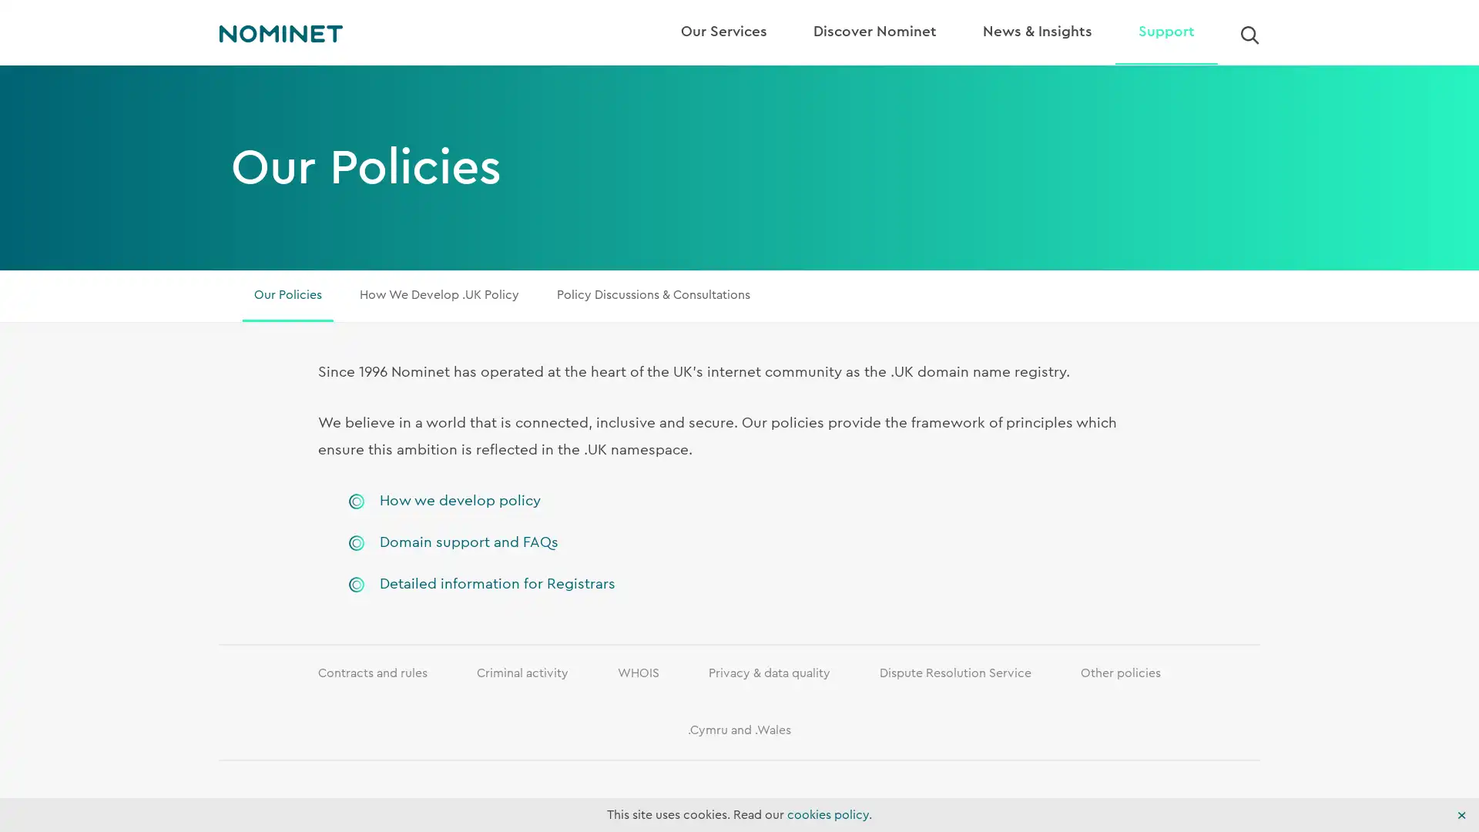 This screenshot has width=1479, height=832. What do you see at coordinates (1461, 815) in the screenshot?
I see `Close` at bounding box center [1461, 815].